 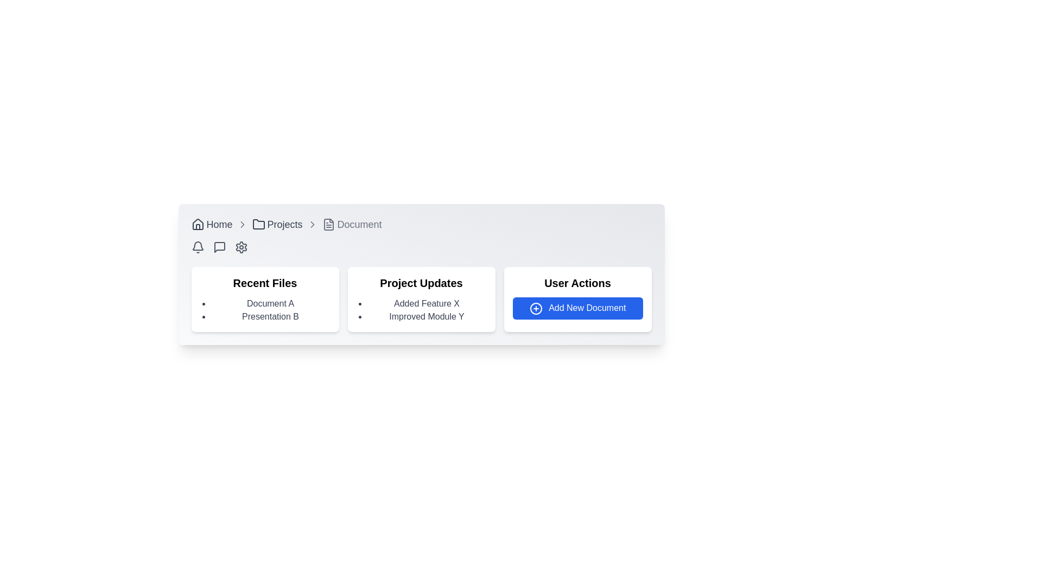 What do you see at coordinates (242, 224) in the screenshot?
I see `the third chevron icon in the breadcrumb navigation bar, which visually separates 'Projects' and 'Document'` at bounding box center [242, 224].